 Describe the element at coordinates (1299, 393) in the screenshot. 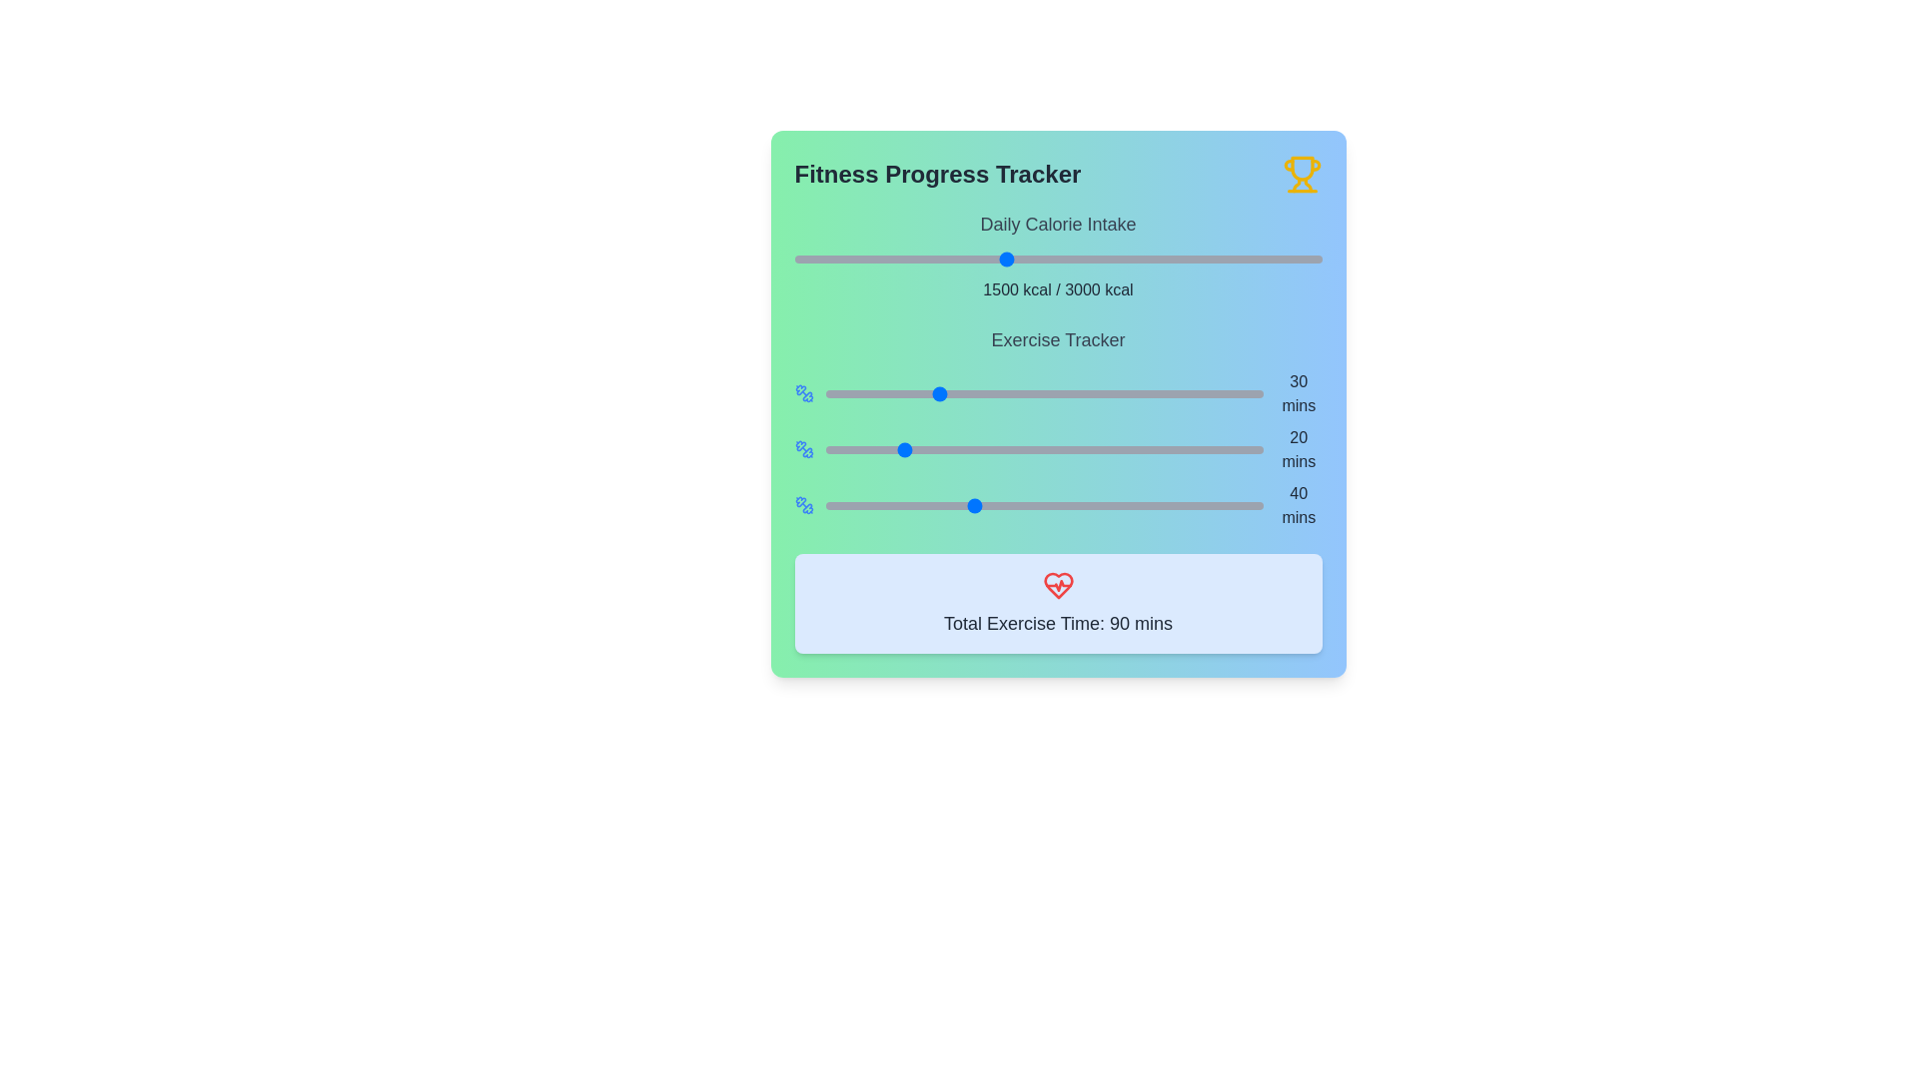

I see `the Text Label displaying '30 mins' which indicates the selected time duration on the slider associated with the 'Exercise Tracker'` at that location.